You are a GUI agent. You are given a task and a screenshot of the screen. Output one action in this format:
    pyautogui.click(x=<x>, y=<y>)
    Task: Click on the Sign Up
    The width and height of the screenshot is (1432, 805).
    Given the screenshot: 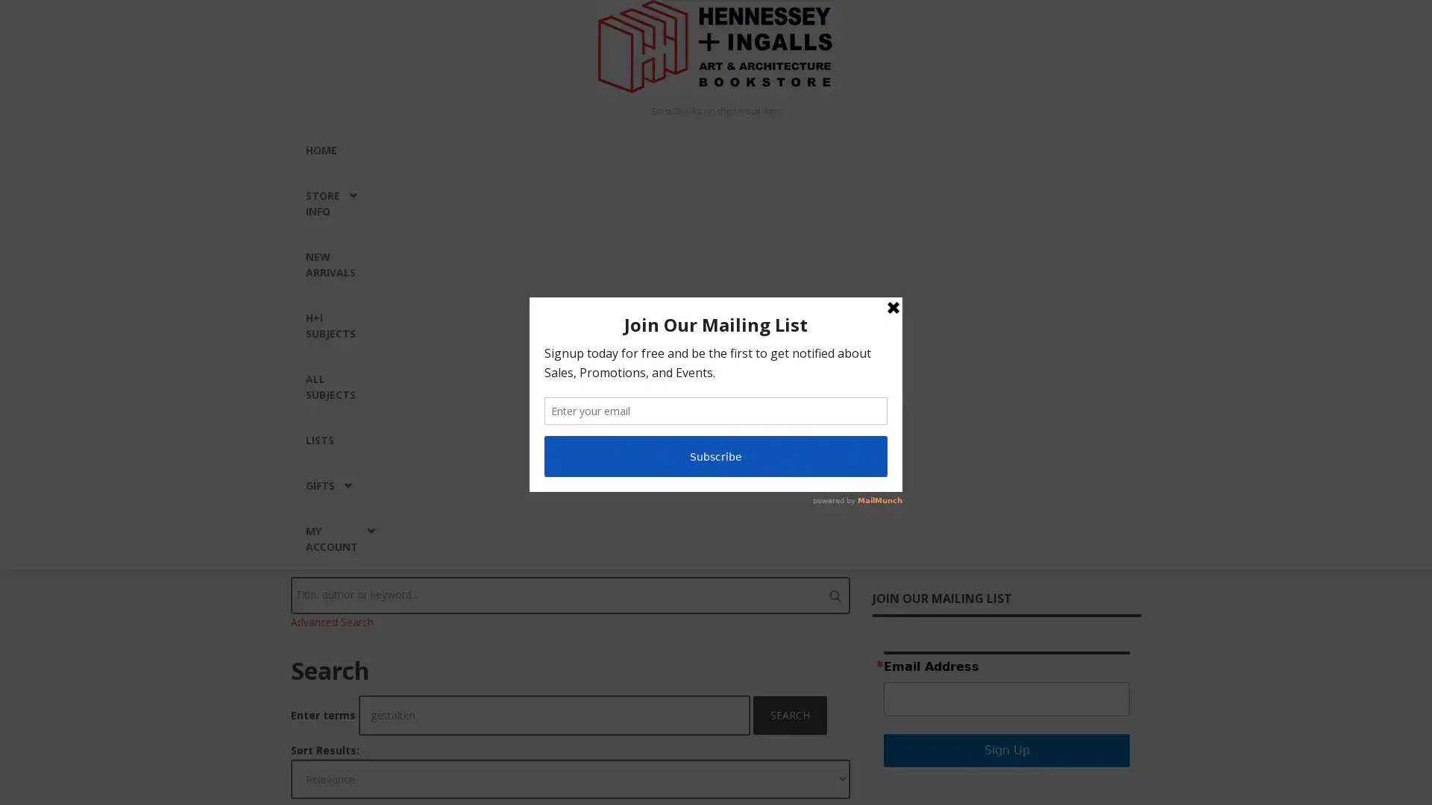 What is the action you would take?
    pyautogui.click(x=1006, y=750)
    